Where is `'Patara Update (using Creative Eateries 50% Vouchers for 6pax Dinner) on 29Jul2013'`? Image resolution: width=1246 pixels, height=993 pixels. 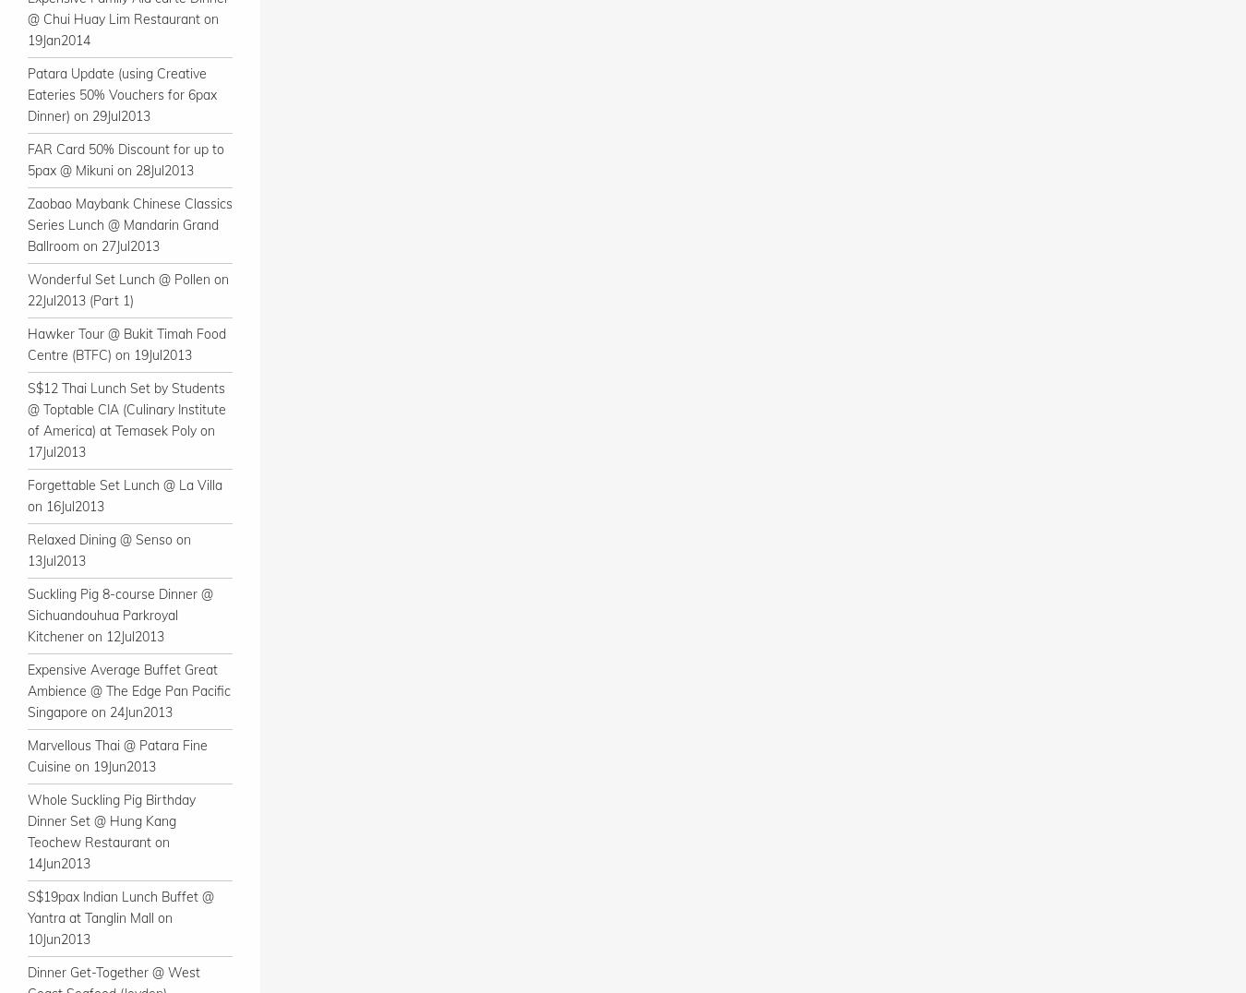 'Patara Update (using Creative Eateries 50% Vouchers for 6pax Dinner) on 29Jul2013' is located at coordinates (122, 93).